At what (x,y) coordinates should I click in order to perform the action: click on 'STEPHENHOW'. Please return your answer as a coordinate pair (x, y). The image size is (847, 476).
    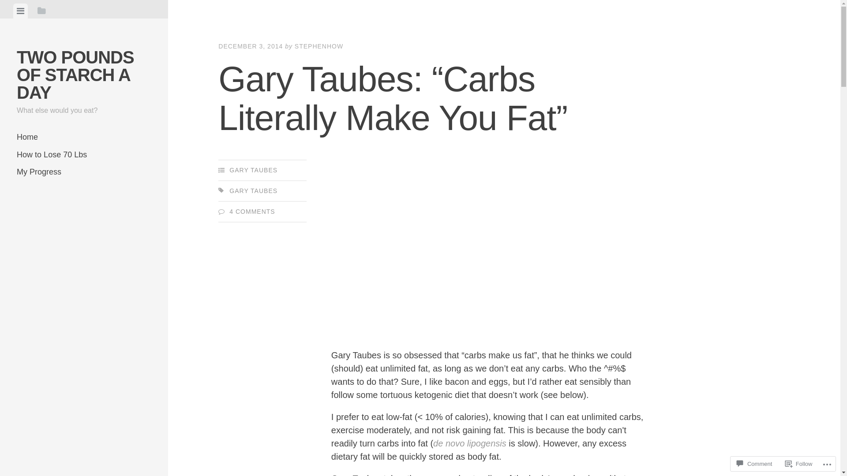
    Looking at the image, I should click on (319, 46).